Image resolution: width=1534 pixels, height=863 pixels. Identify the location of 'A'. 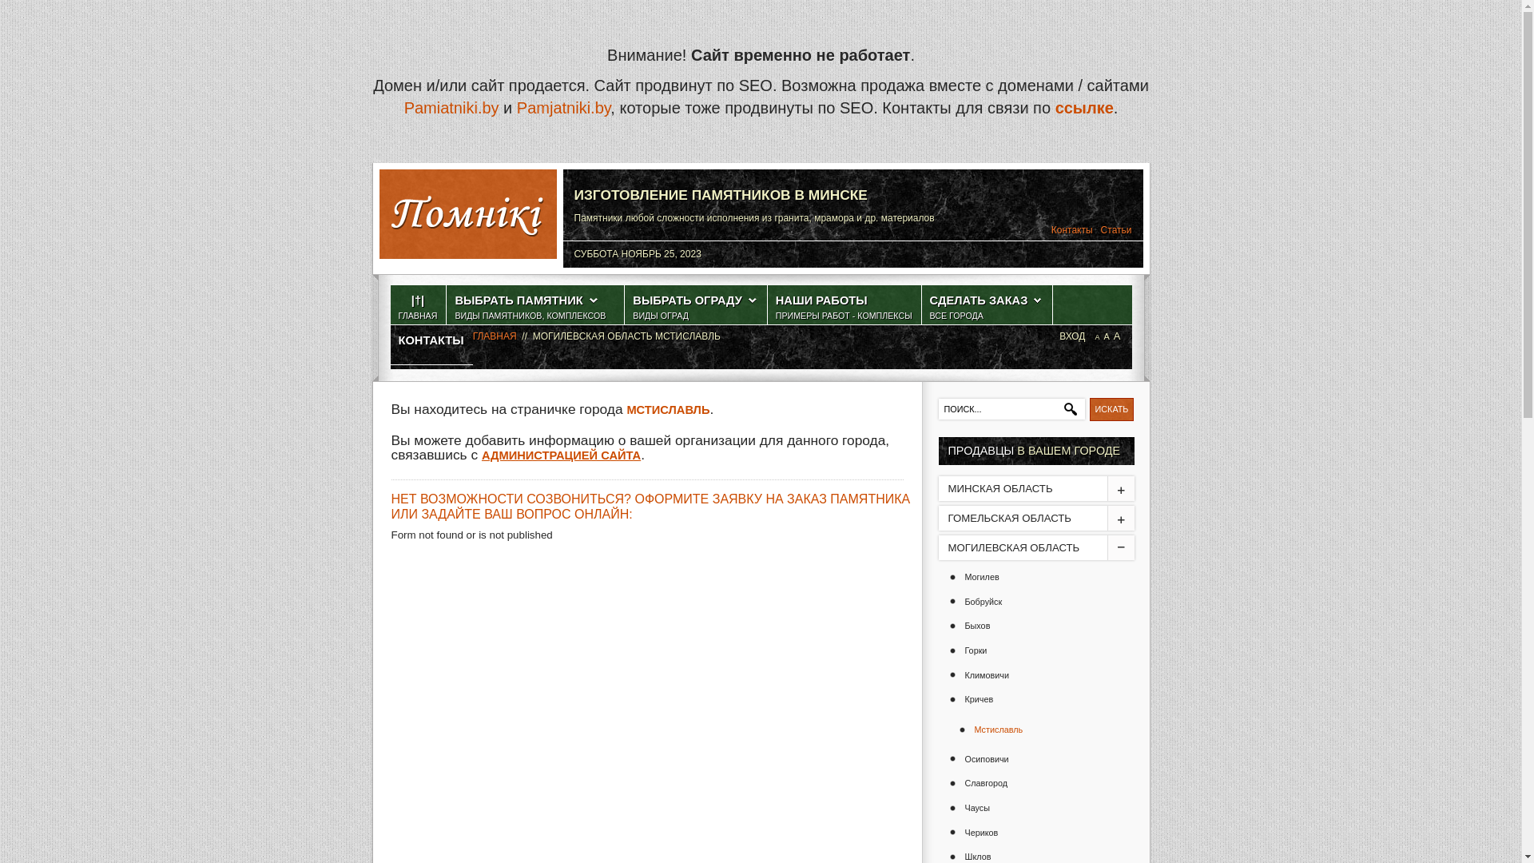
(1116, 335).